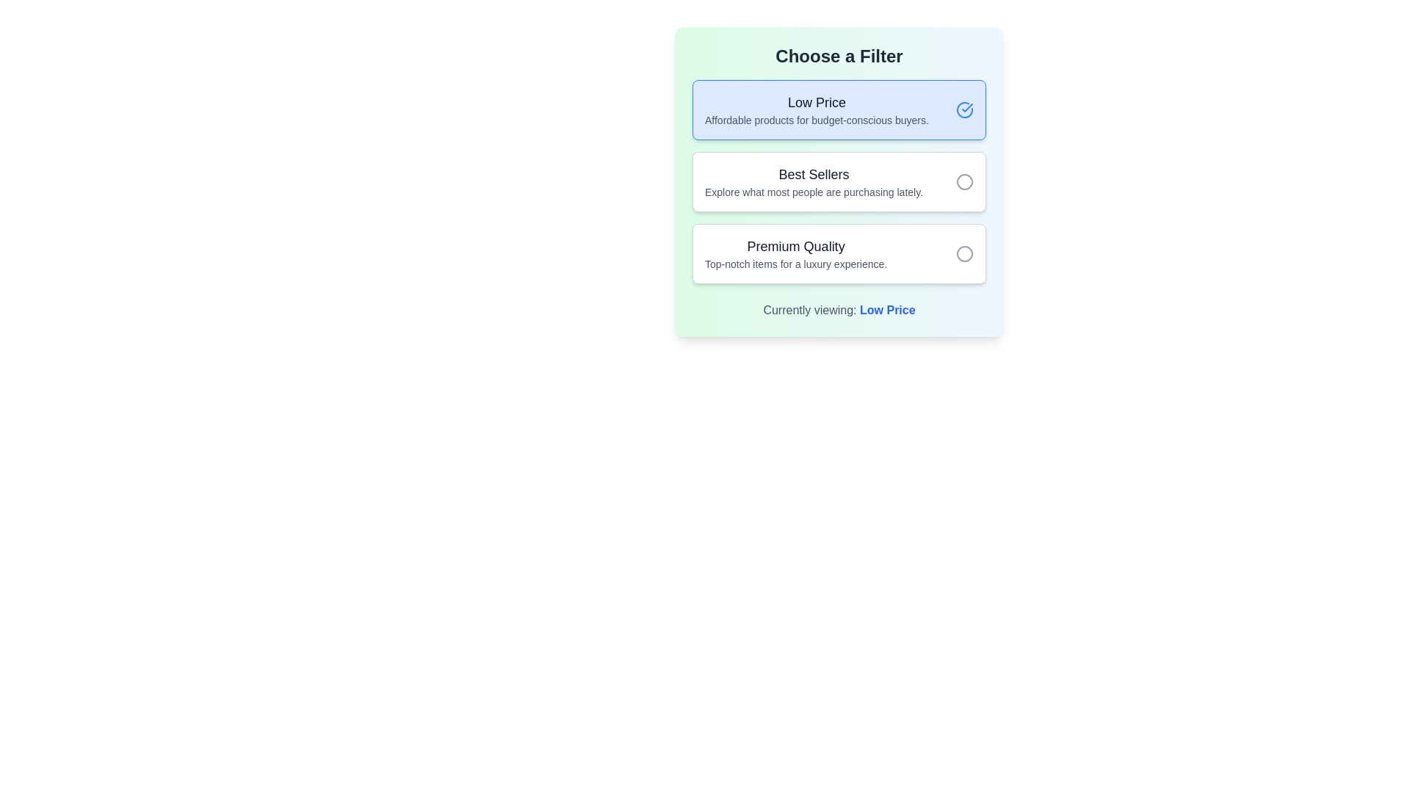 The image size is (1410, 793). I want to click on the descriptive text UI component that contains the bold text 'Low Price' and the smaller text 'Affordable products for budget-conscious buyers.' within a rounded rectangular card with a light blue background, so click(816, 109).